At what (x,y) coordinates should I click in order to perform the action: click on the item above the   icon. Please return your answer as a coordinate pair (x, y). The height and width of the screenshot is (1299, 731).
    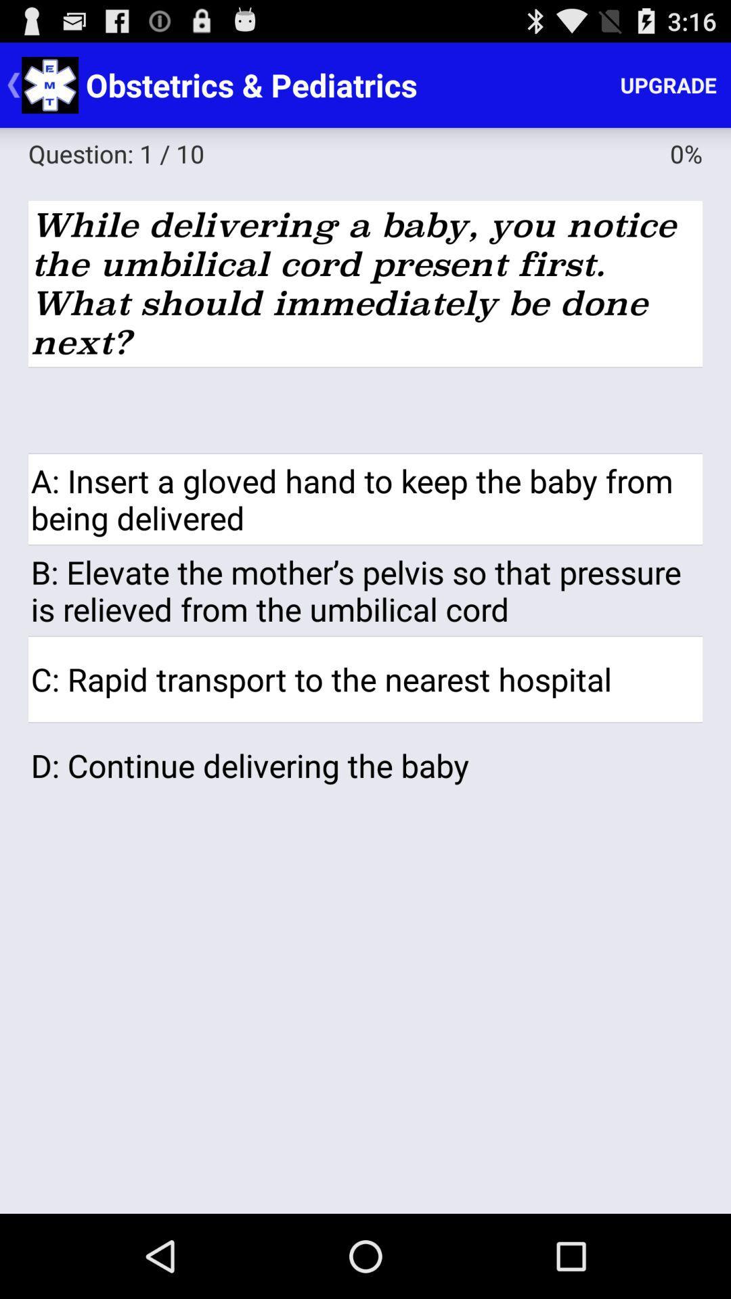
    Looking at the image, I should click on (365, 283).